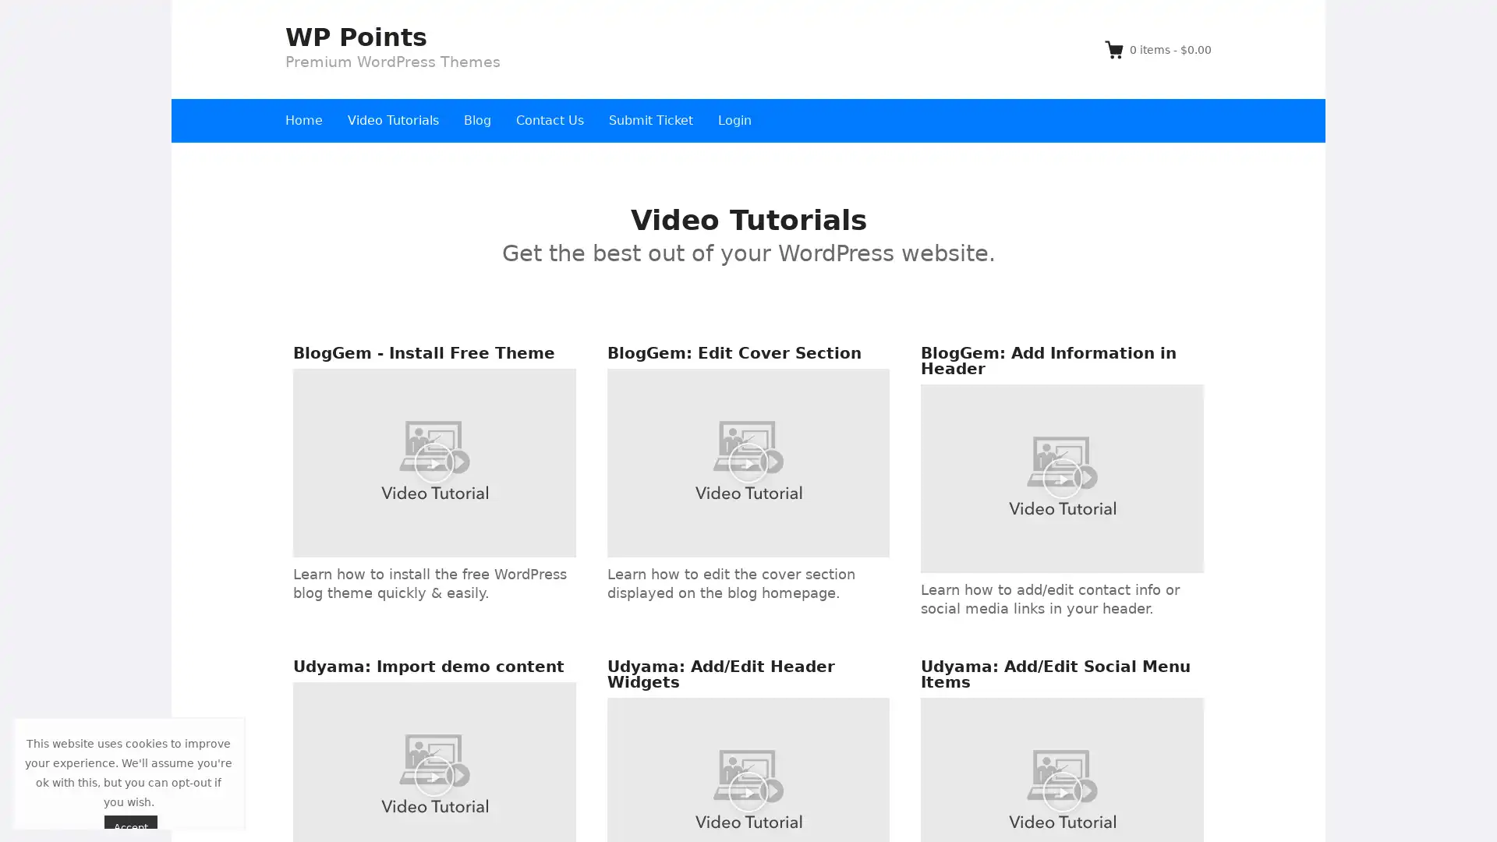  I want to click on Play Video, so click(747, 791).